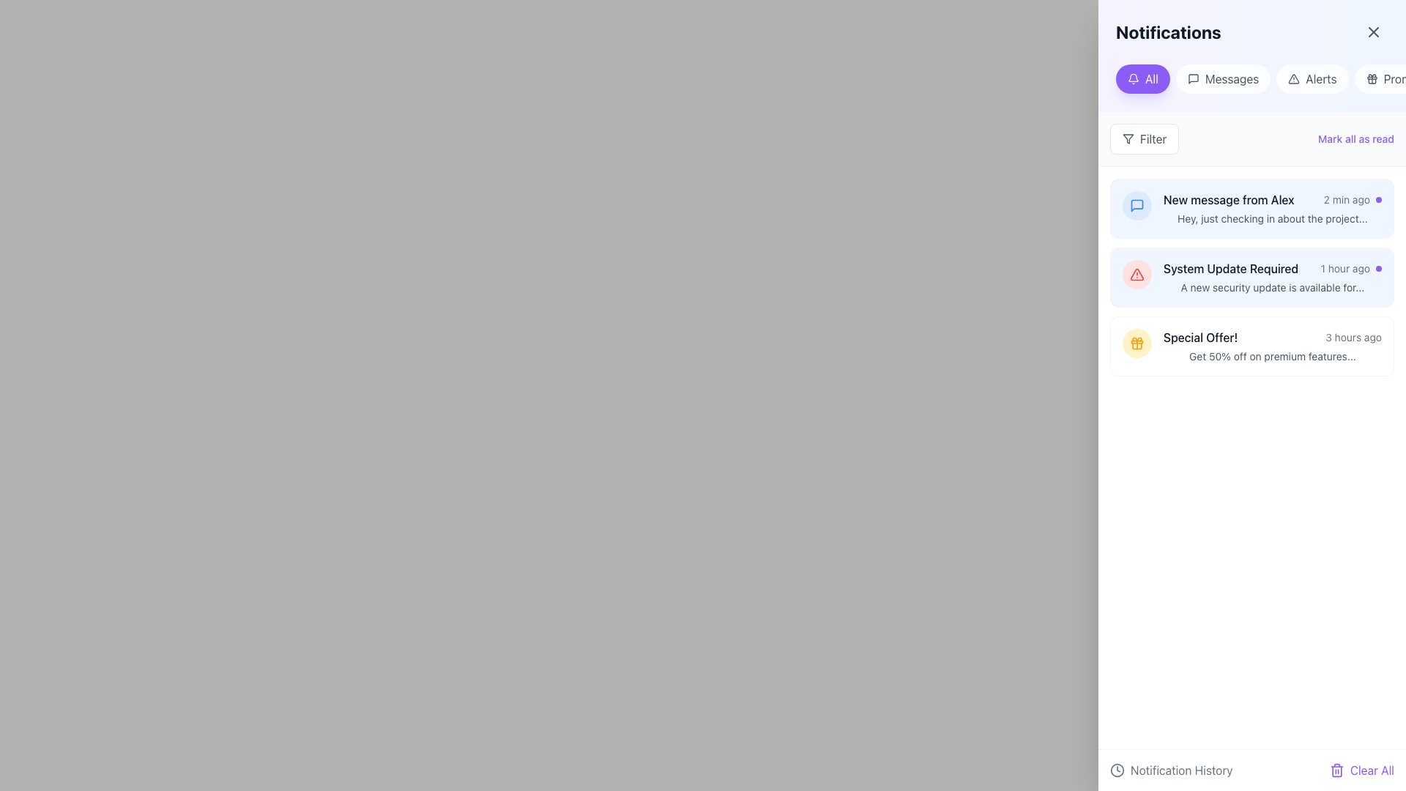  I want to click on the label displaying '2 min ago' which is part of the notification titled 'New message from Alex' in the notification panel, so click(1347, 200).